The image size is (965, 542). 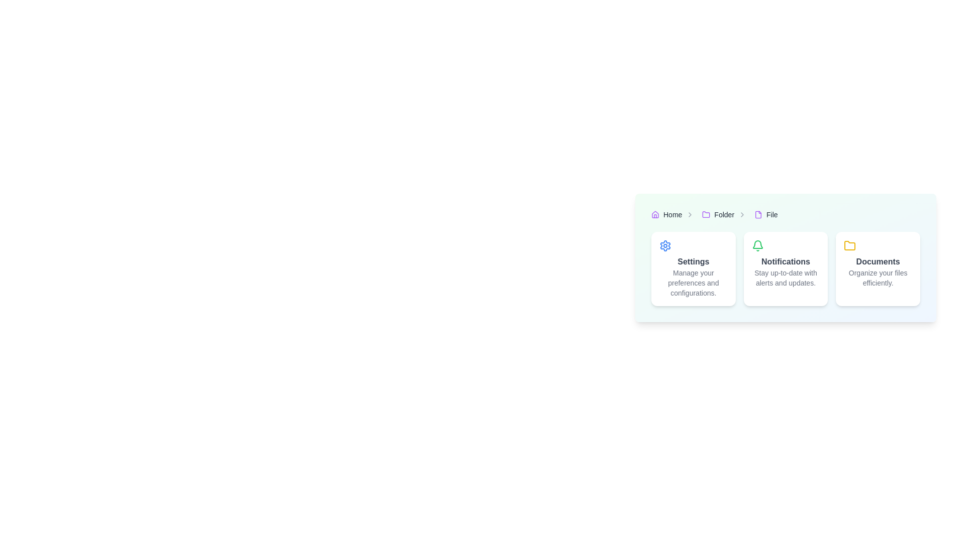 What do you see at coordinates (757, 245) in the screenshot?
I see `the bell notification icon, which is a green-colored, thin-outlined bell symbol located within the 'Notifications' card in the middle of three horizontally arranged cards` at bounding box center [757, 245].